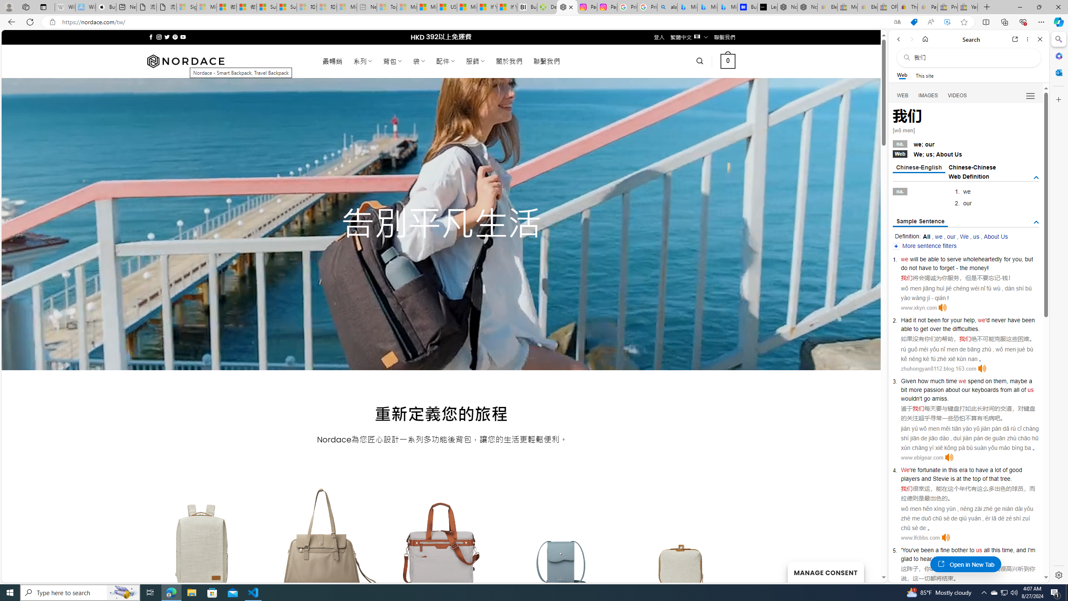  Describe the element at coordinates (918, 307) in the screenshot. I see `'www.xkyn.com'` at that location.